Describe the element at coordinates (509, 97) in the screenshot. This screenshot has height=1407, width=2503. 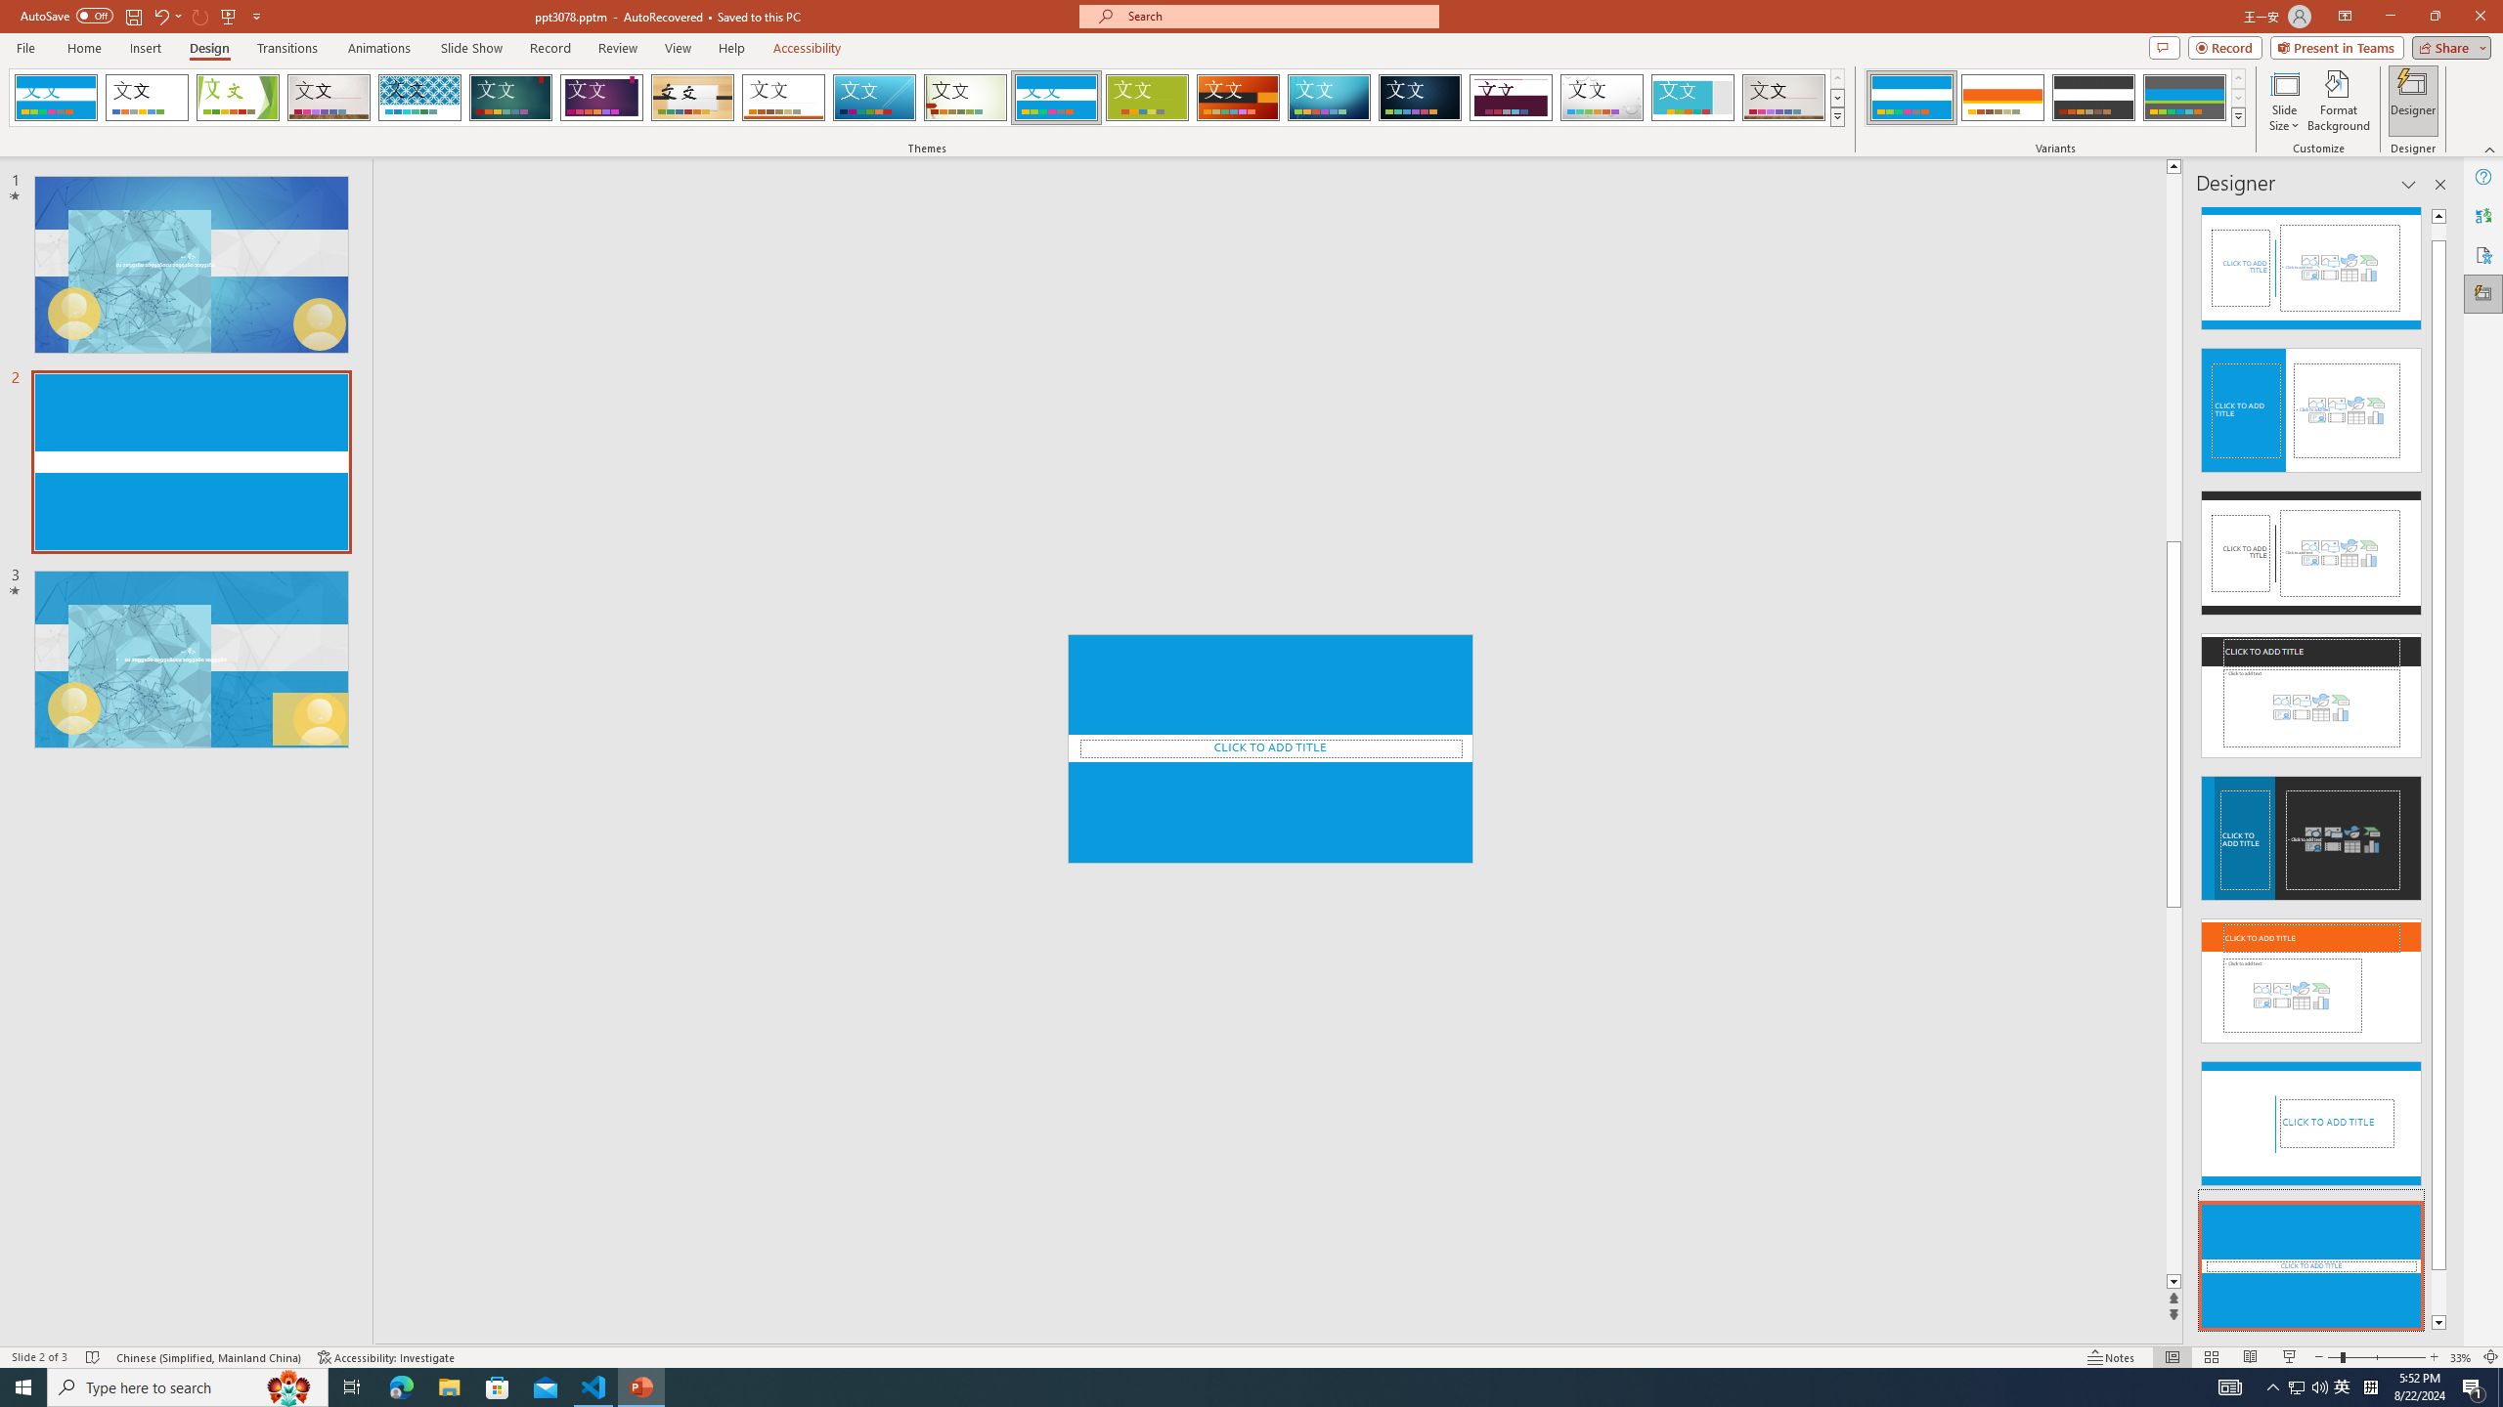
I see `'Ion'` at that location.